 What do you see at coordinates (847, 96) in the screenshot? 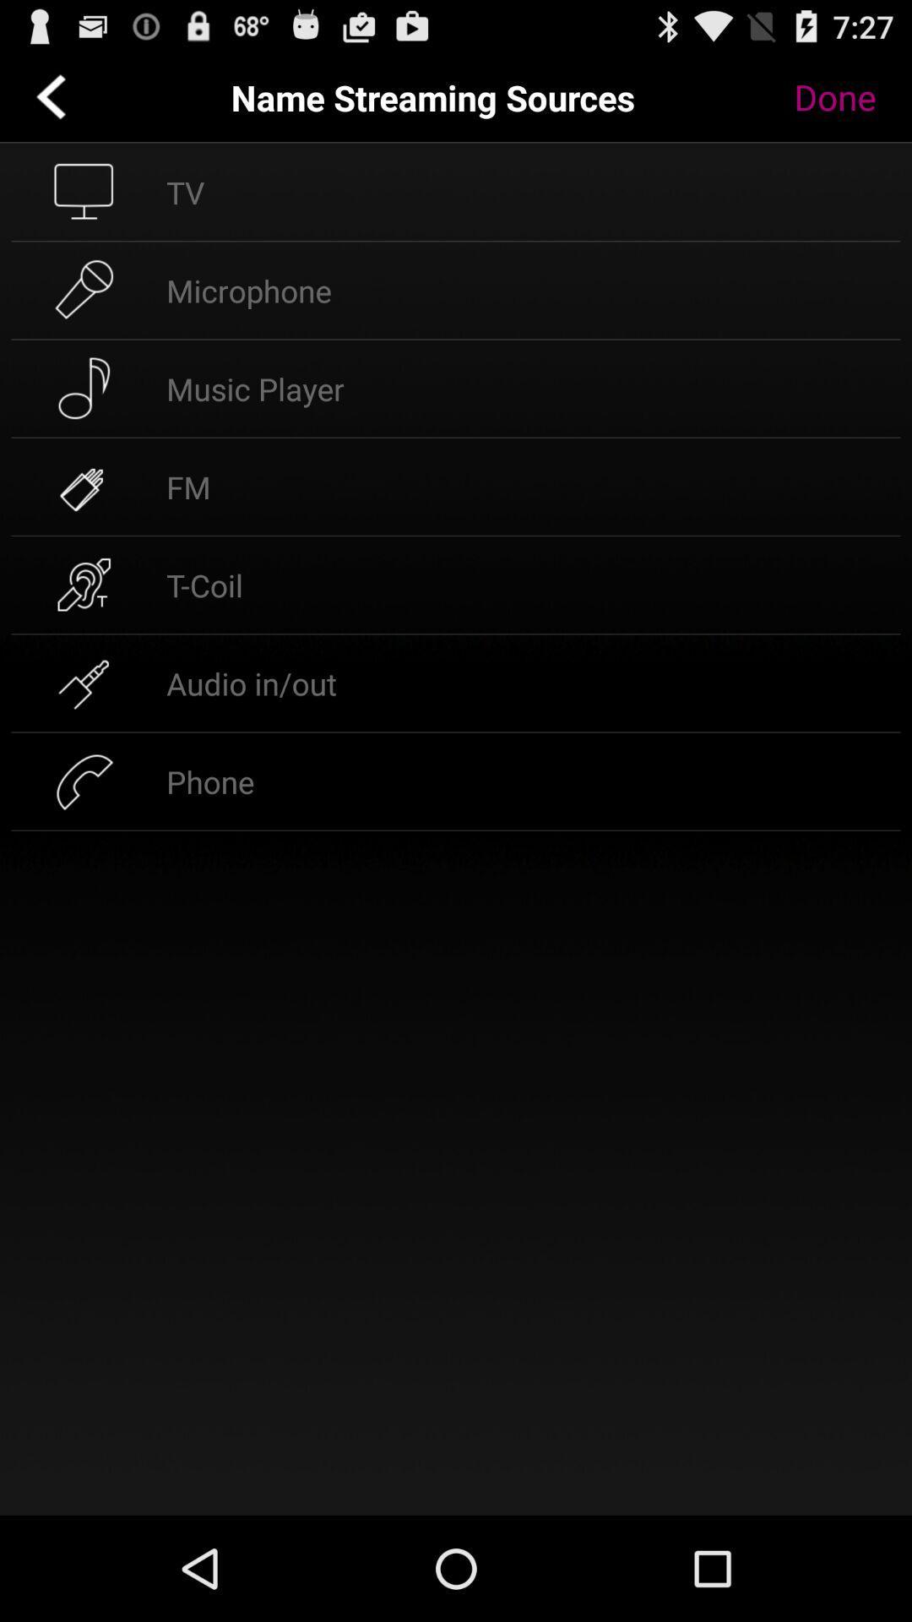
I see `the done at the top right corner` at bounding box center [847, 96].